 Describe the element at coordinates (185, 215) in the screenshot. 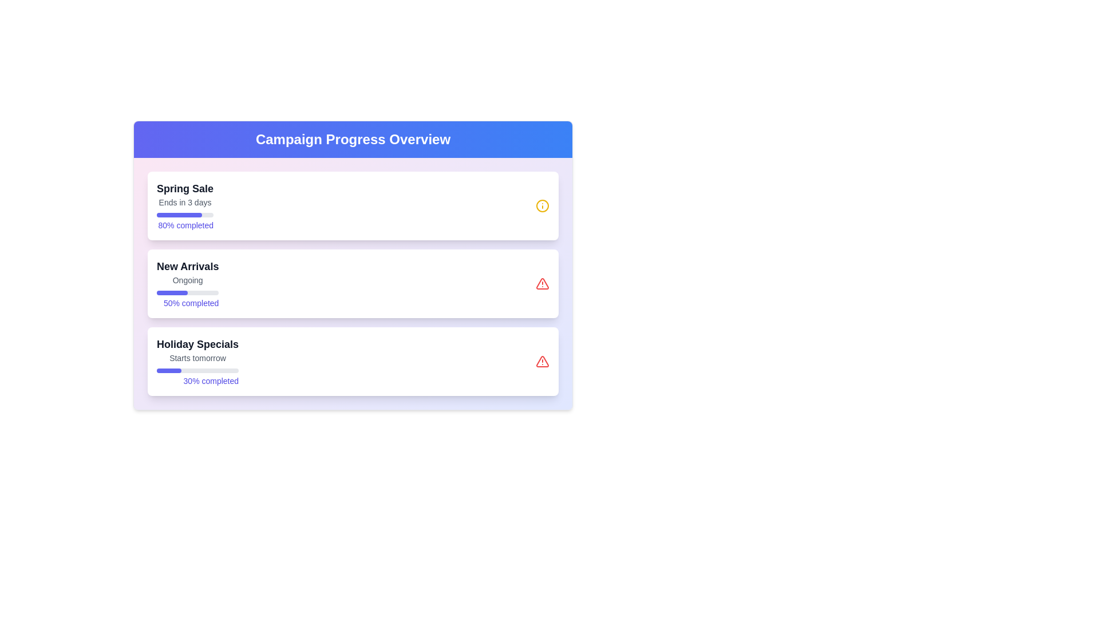

I see `the progress bar located in the first card of the Campaign Progress Overview section, positioned between 'Ends in 3 days' and '80% completed'` at that location.